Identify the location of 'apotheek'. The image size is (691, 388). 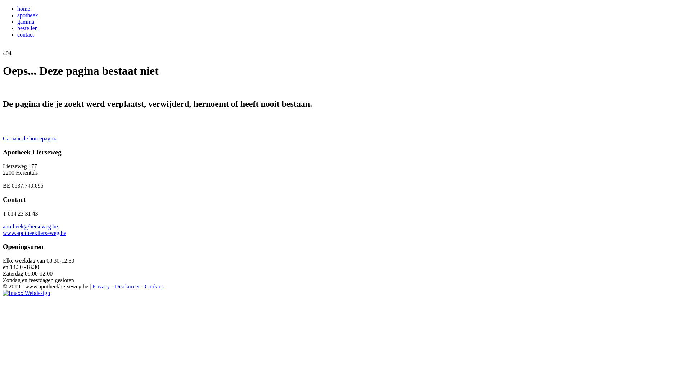
(27, 15).